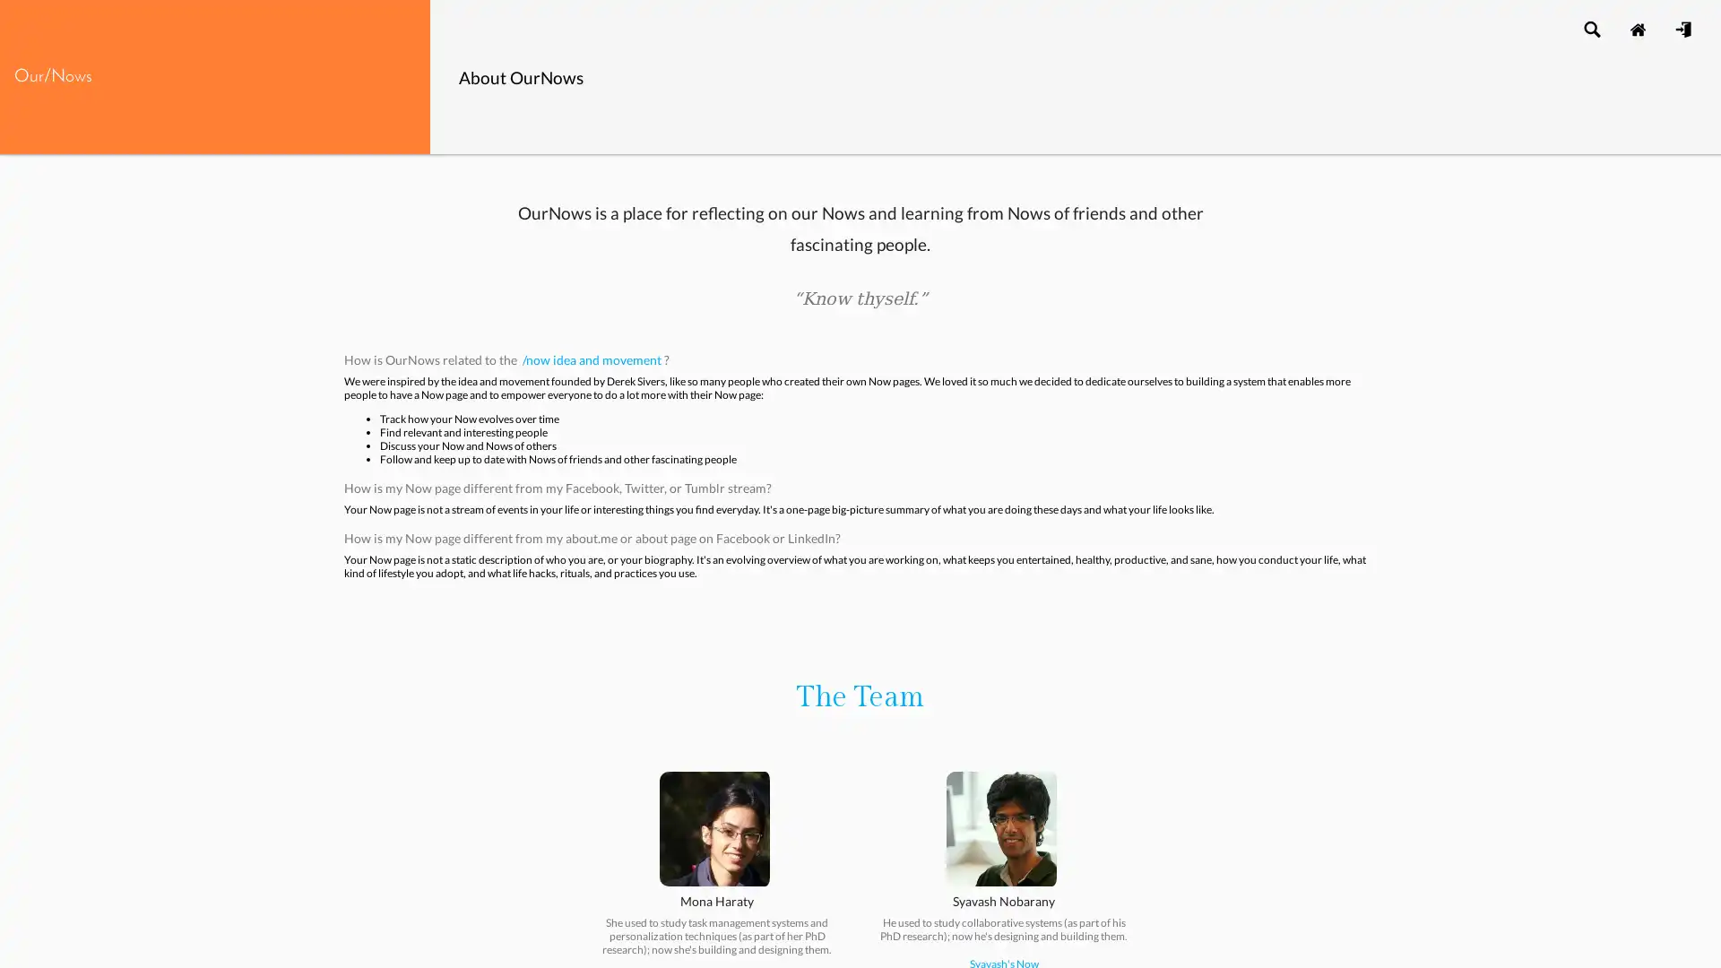 This screenshot has height=968, width=1721. What do you see at coordinates (1682, 28) in the screenshot?
I see `Login` at bounding box center [1682, 28].